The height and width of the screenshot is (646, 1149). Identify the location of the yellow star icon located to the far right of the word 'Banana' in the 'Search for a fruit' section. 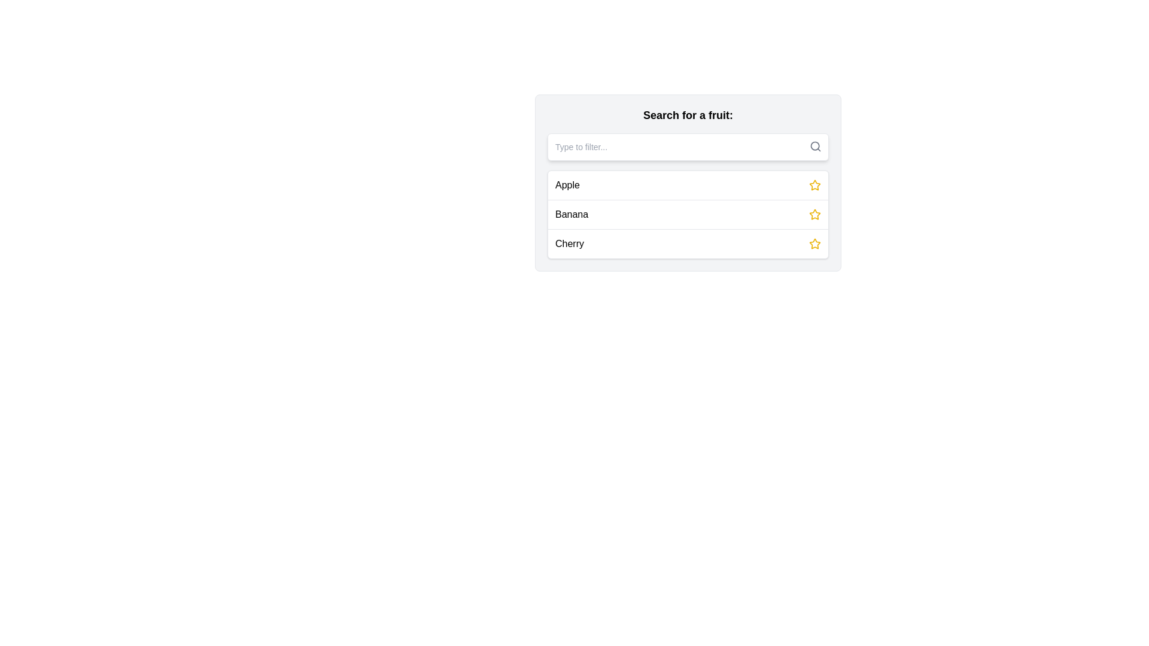
(814, 214).